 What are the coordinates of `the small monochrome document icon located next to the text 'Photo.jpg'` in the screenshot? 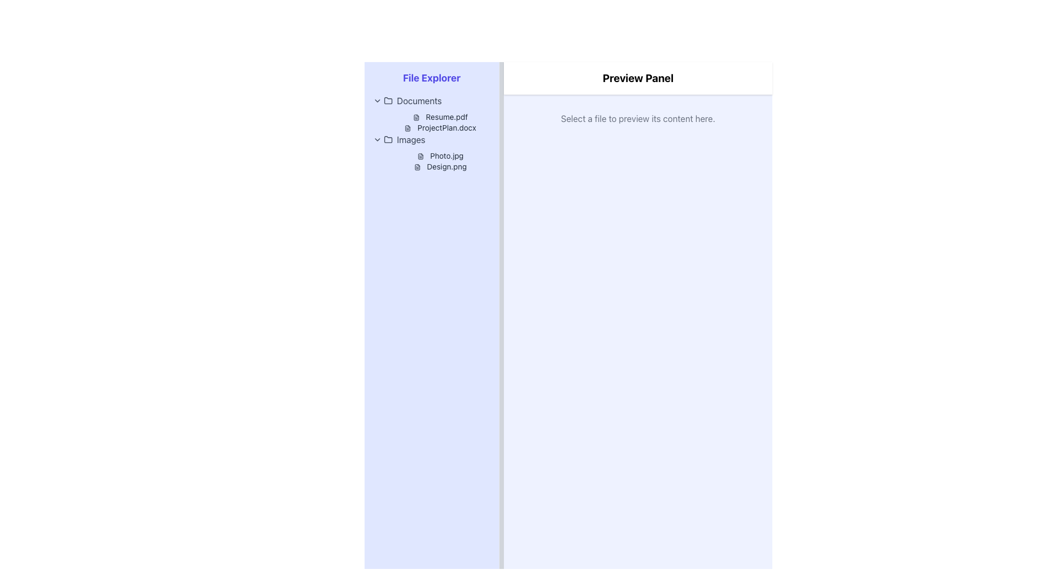 It's located at (420, 157).